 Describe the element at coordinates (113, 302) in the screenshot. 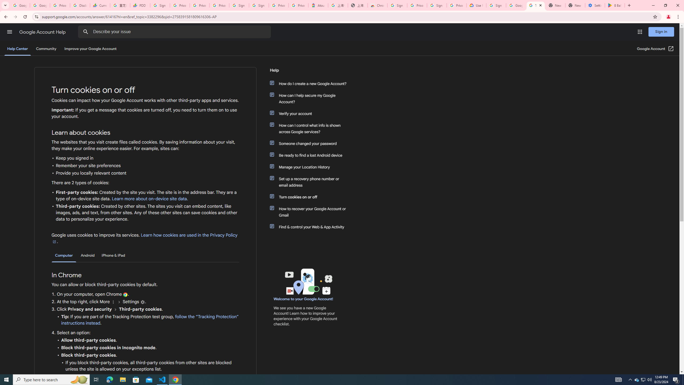

I see `'More'` at that location.